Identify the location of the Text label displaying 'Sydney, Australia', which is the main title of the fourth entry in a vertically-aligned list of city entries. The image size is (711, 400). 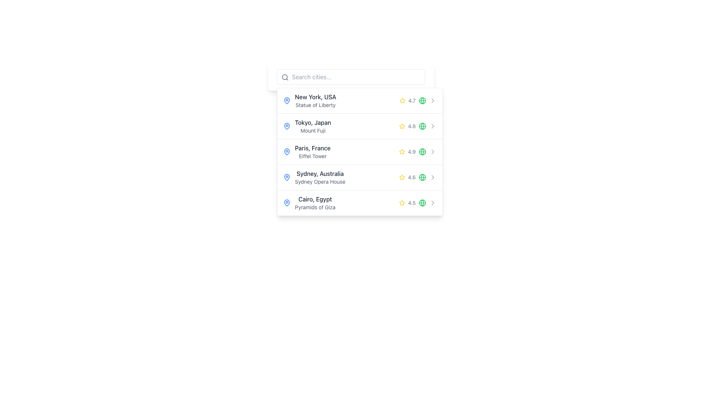
(320, 174).